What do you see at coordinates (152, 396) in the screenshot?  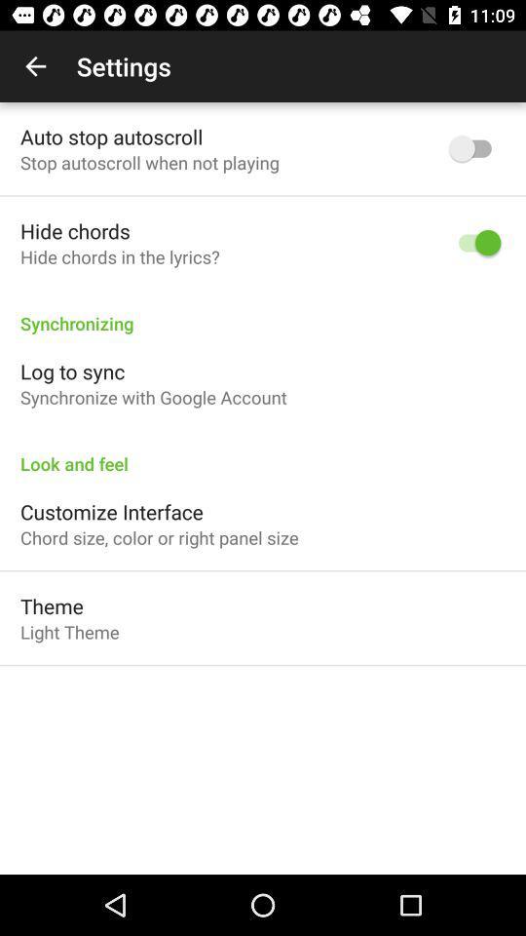 I see `the item below log to sync` at bounding box center [152, 396].